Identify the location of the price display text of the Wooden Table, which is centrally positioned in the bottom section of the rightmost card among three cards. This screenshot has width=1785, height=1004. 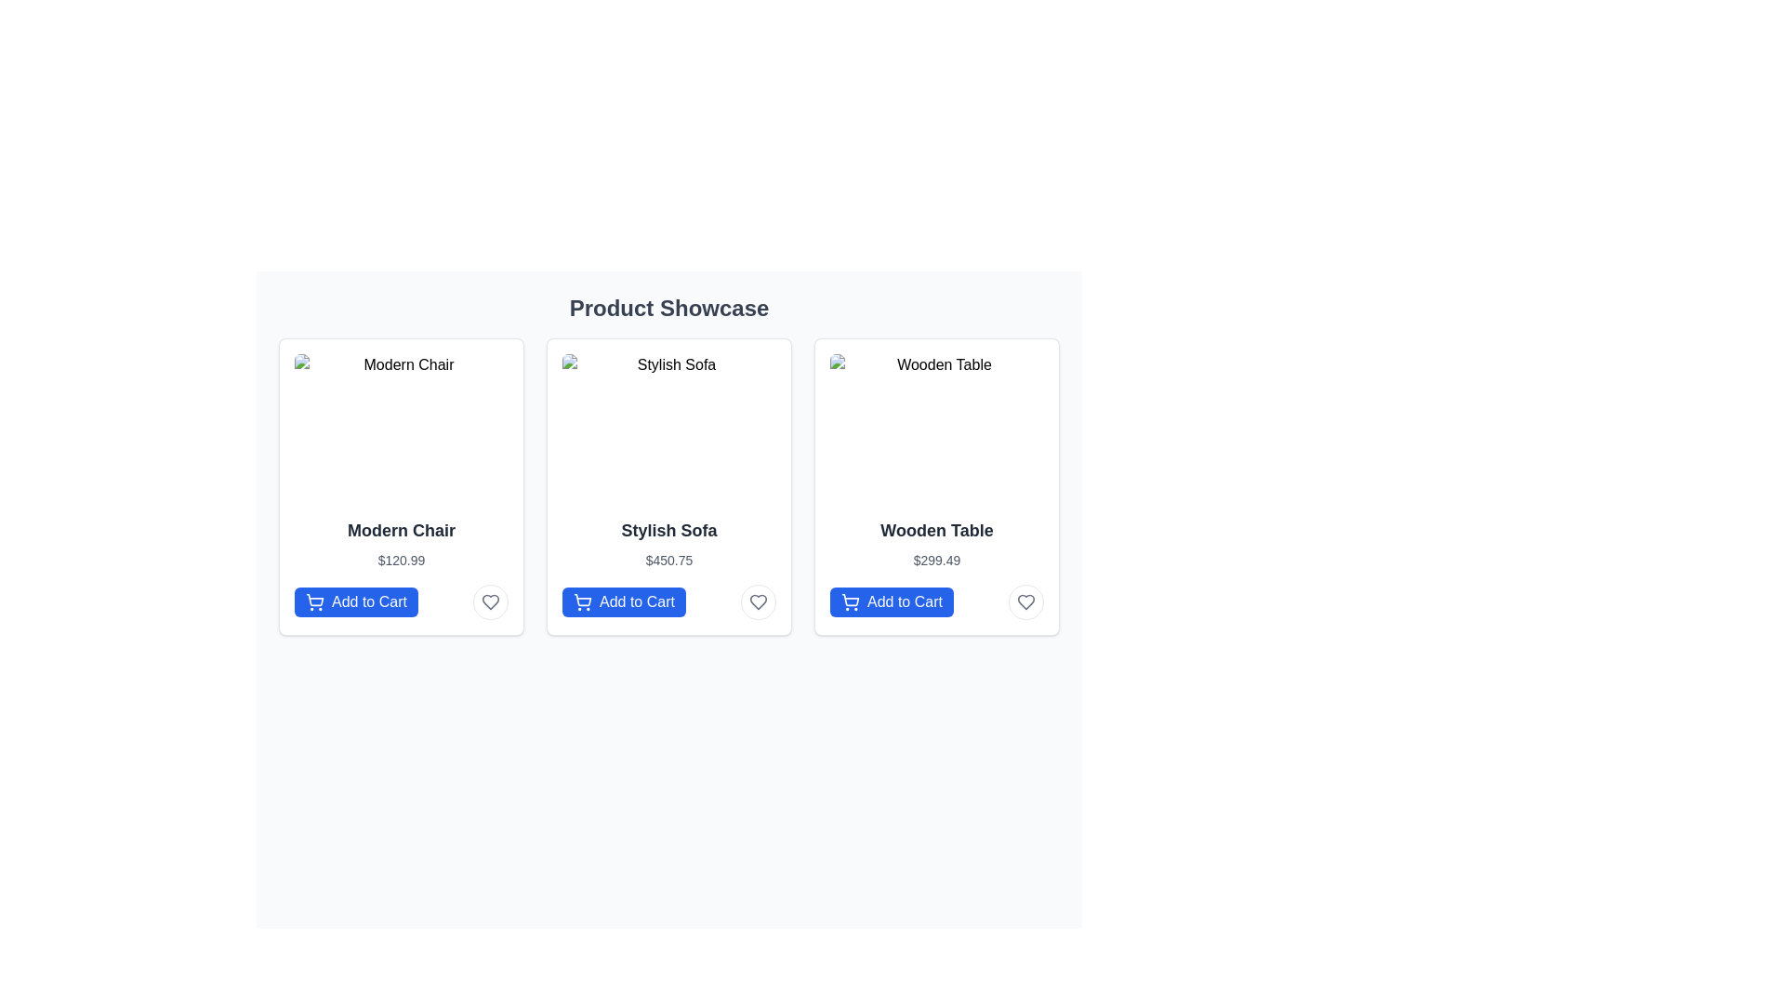
(937, 559).